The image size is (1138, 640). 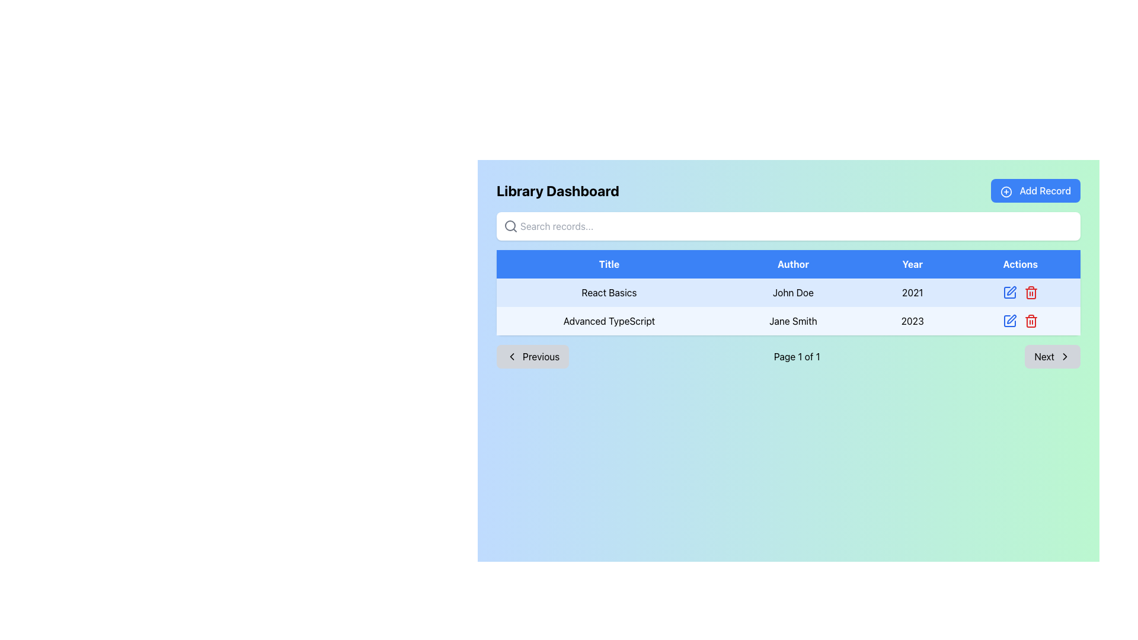 What do you see at coordinates (1065, 356) in the screenshot?
I see `the small triangular arrow icon, which is the rightward-facing chevron of the 'Next' button located on the right side of the pagination control at the bottom of the Library Dashboard interface` at bounding box center [1065, 356].